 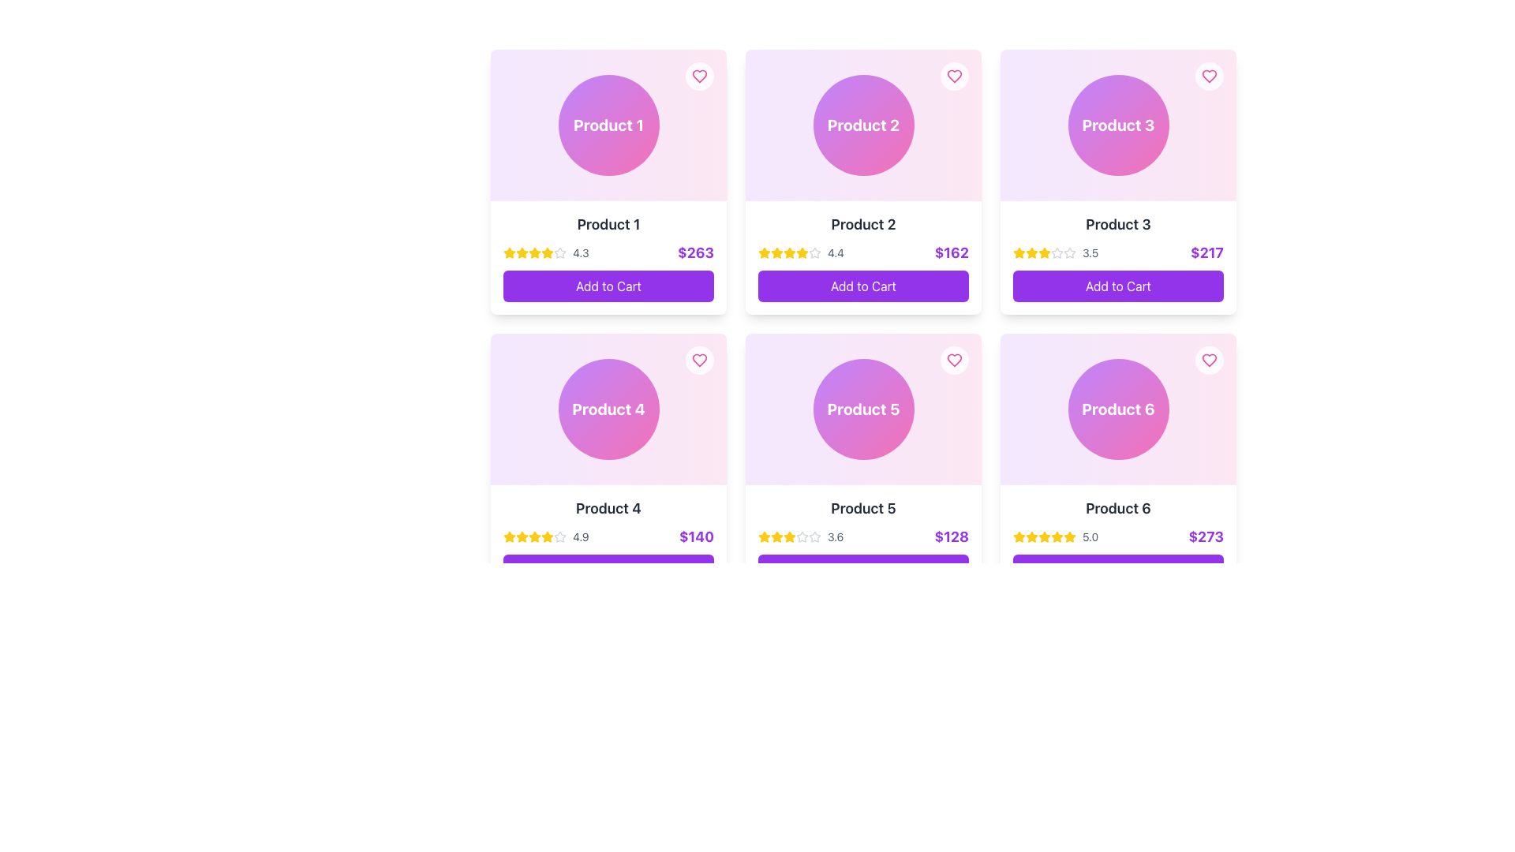 What do you see at coordinates (608, 124) in the screenshot?
I see `the Informational graphic with text located in the top-left section of the product card grid layout` at bounding box center [608, 124].